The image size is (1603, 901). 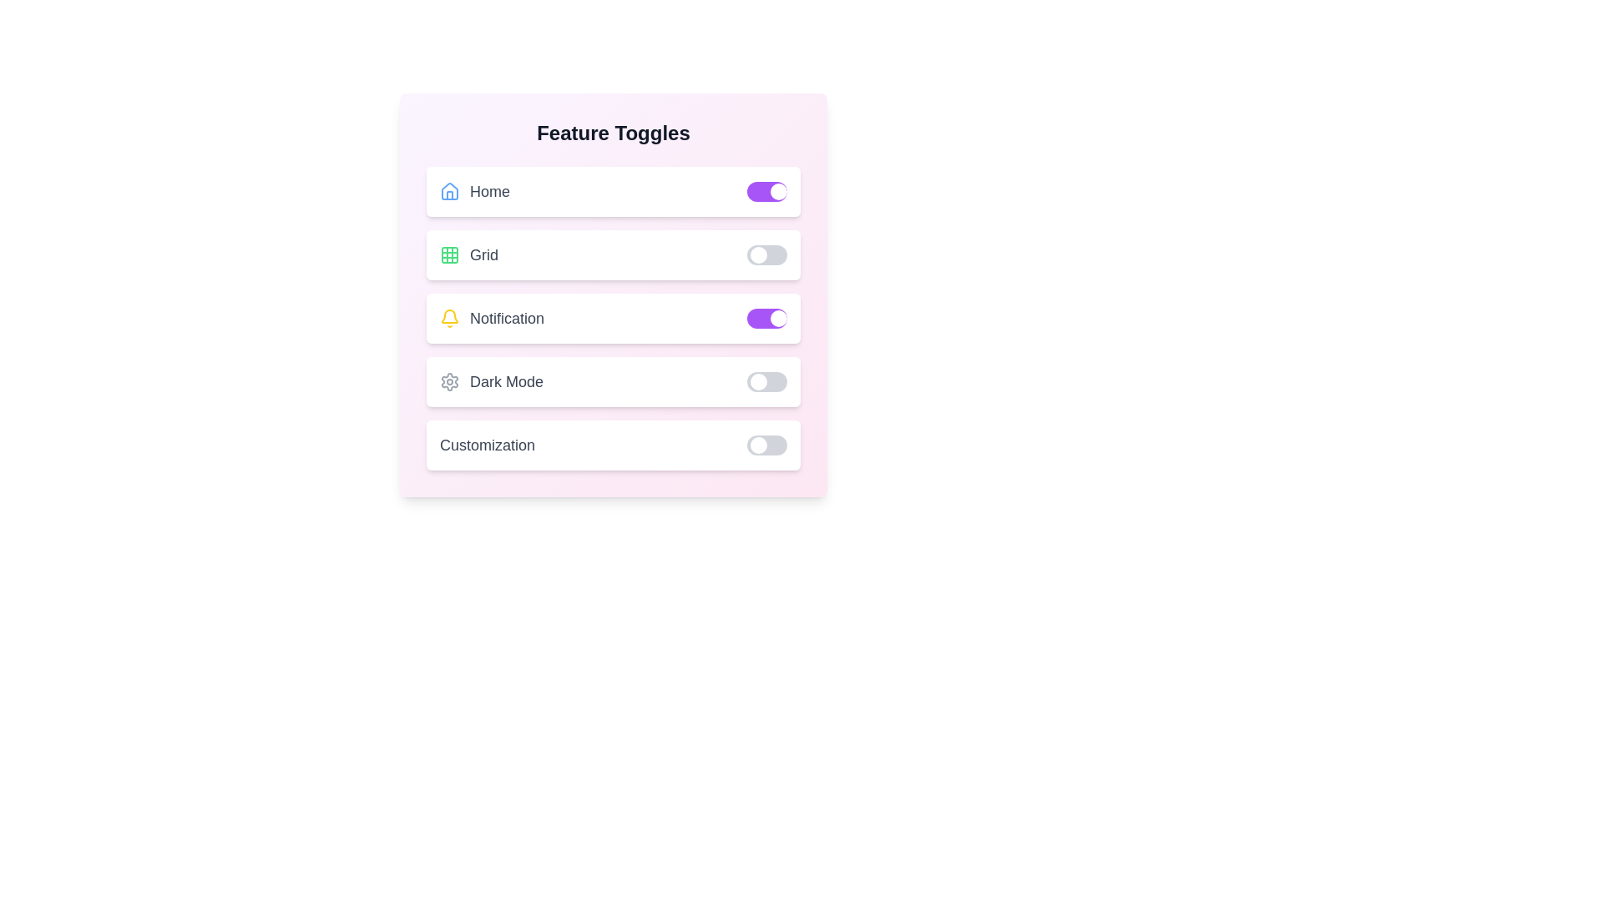 What do you see at coordinates (474, 191) in the screenshot?
I see `the 'Home' label with the house icon, which is the first element in the vertical list within the 'Feature Toggles' card` at bounding box center [474, 191].